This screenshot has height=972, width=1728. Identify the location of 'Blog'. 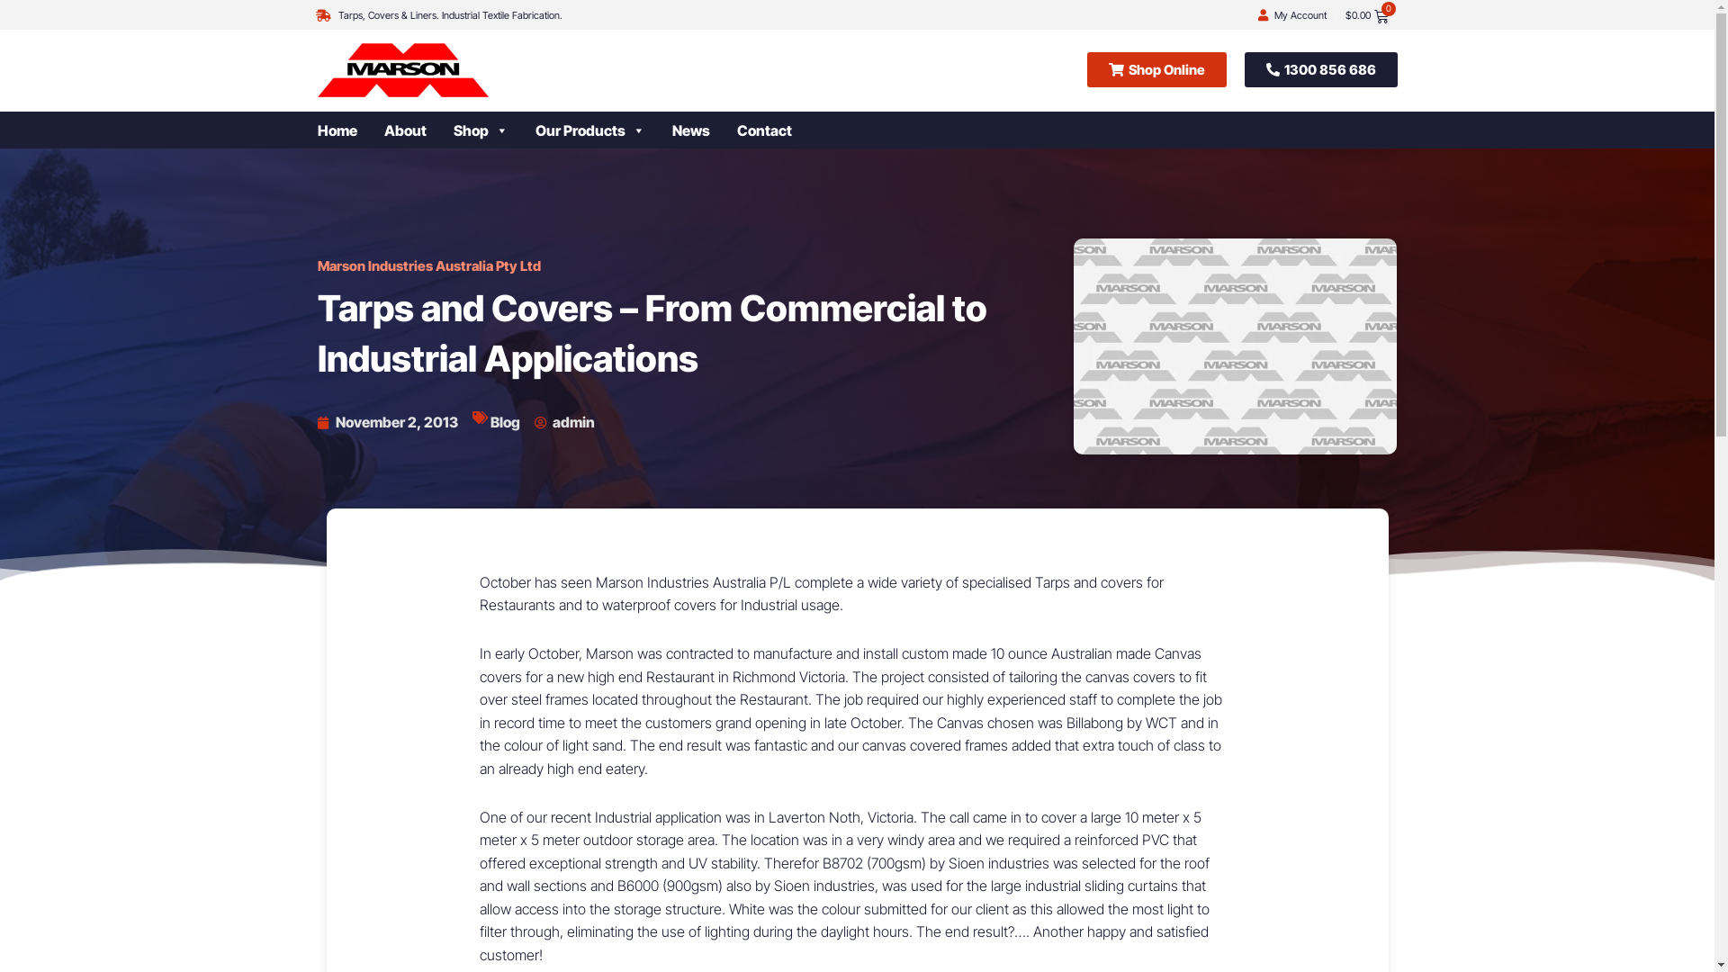
(504, 422).